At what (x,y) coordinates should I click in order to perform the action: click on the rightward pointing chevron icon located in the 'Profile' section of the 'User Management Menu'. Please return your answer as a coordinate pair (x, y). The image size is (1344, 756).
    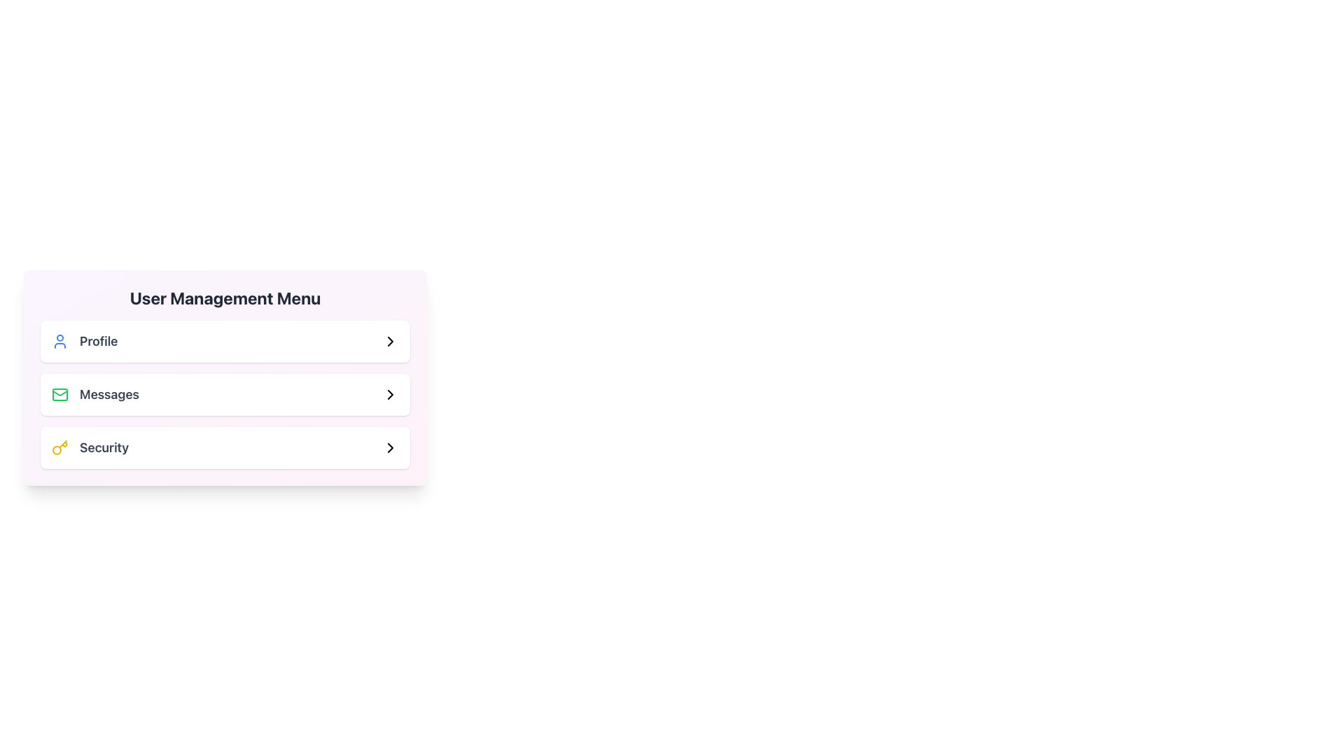
    Looking at the image, I should click on (390, 342).